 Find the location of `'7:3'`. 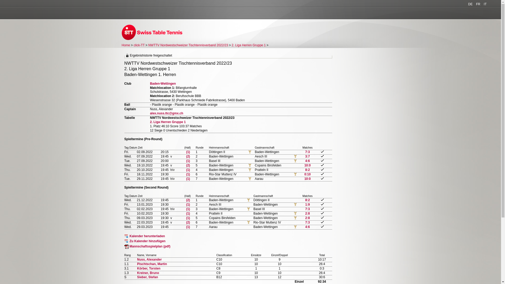

'7:3' is located at coordinates (307, 152).